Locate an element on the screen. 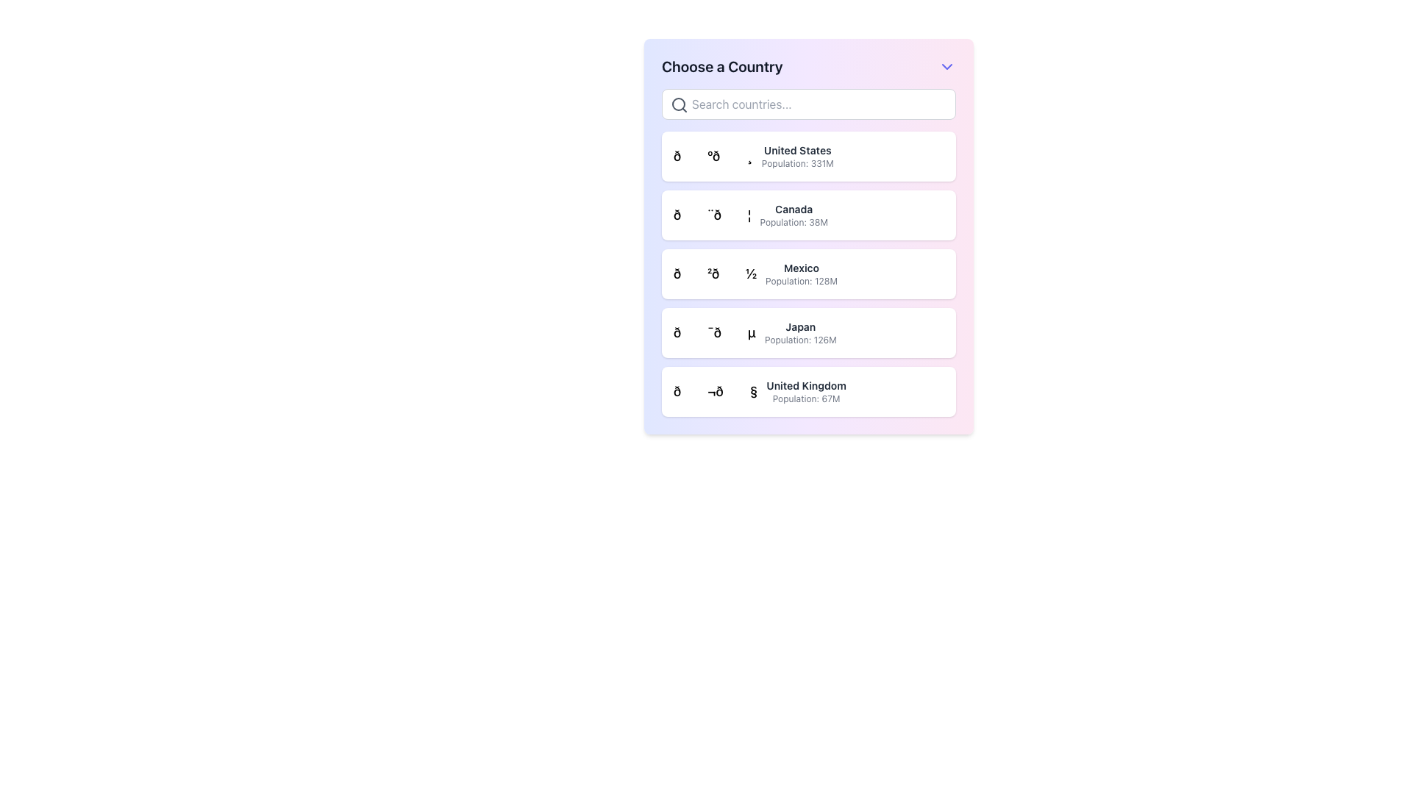  the first country tile in the 'Choose a Country' interface, which displays 'United States' and an emoji flag is located at coordinates (807, 156).